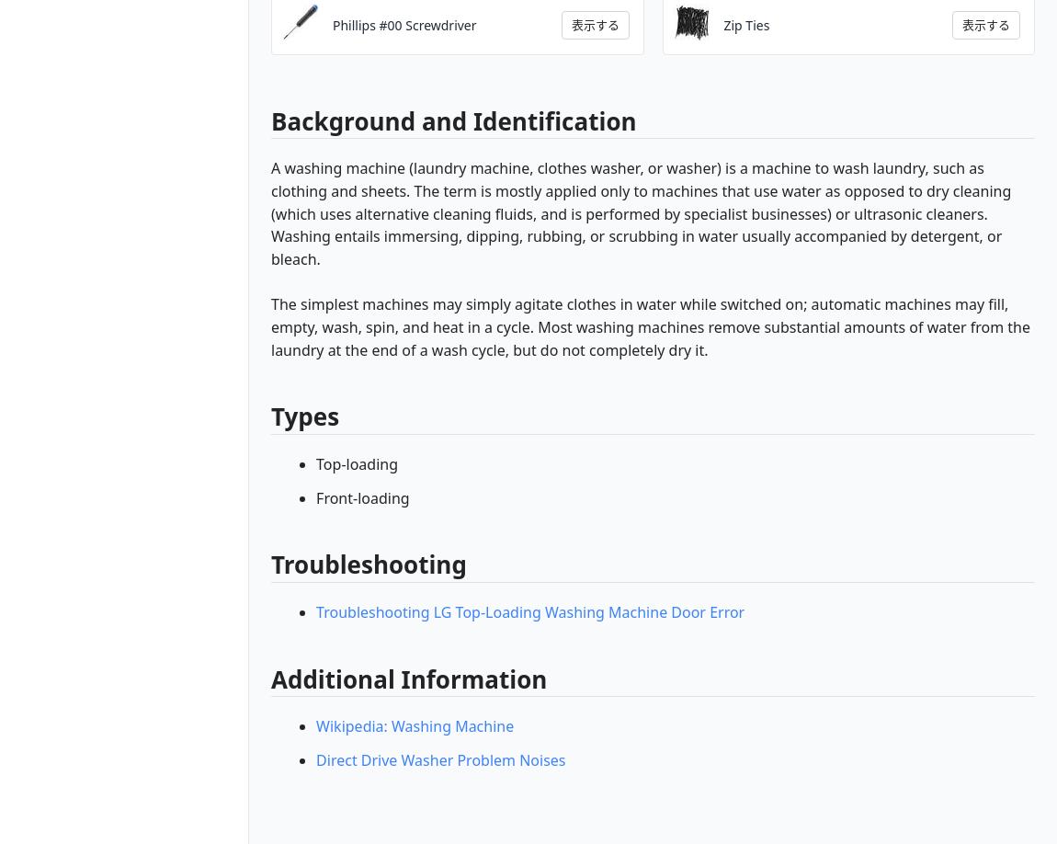 The width and height of the screenshot is (1057, 844). I want to click on 'Troubleshooting', so click(369, 564).